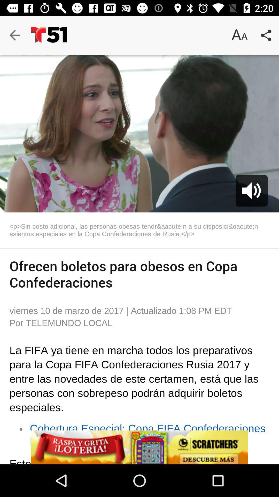  What do you see at coordinates (252, 190) in the screenshot?
I see `the volume icon` at bounding box center [252, 190].